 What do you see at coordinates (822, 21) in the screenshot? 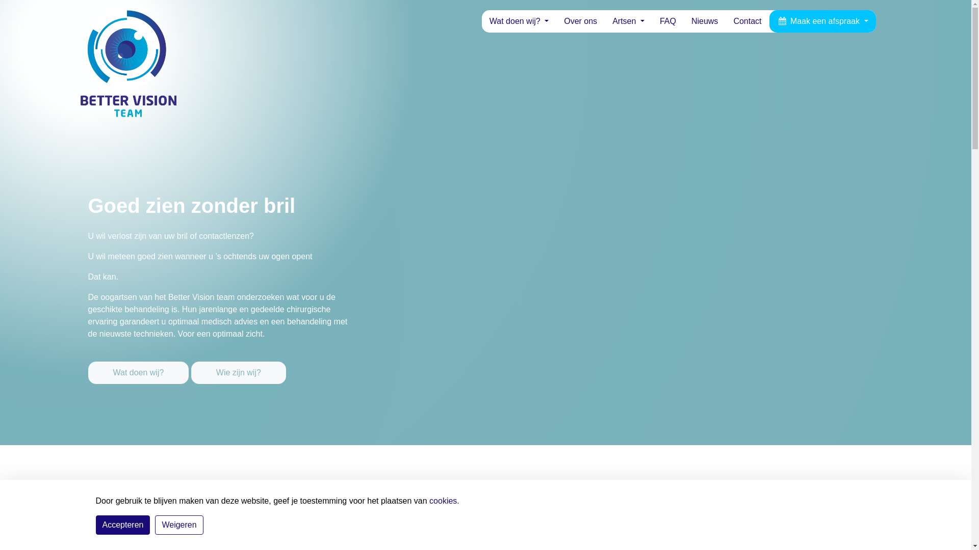
I see `'Maak een afspraak'` at bounding box center [822, 21].